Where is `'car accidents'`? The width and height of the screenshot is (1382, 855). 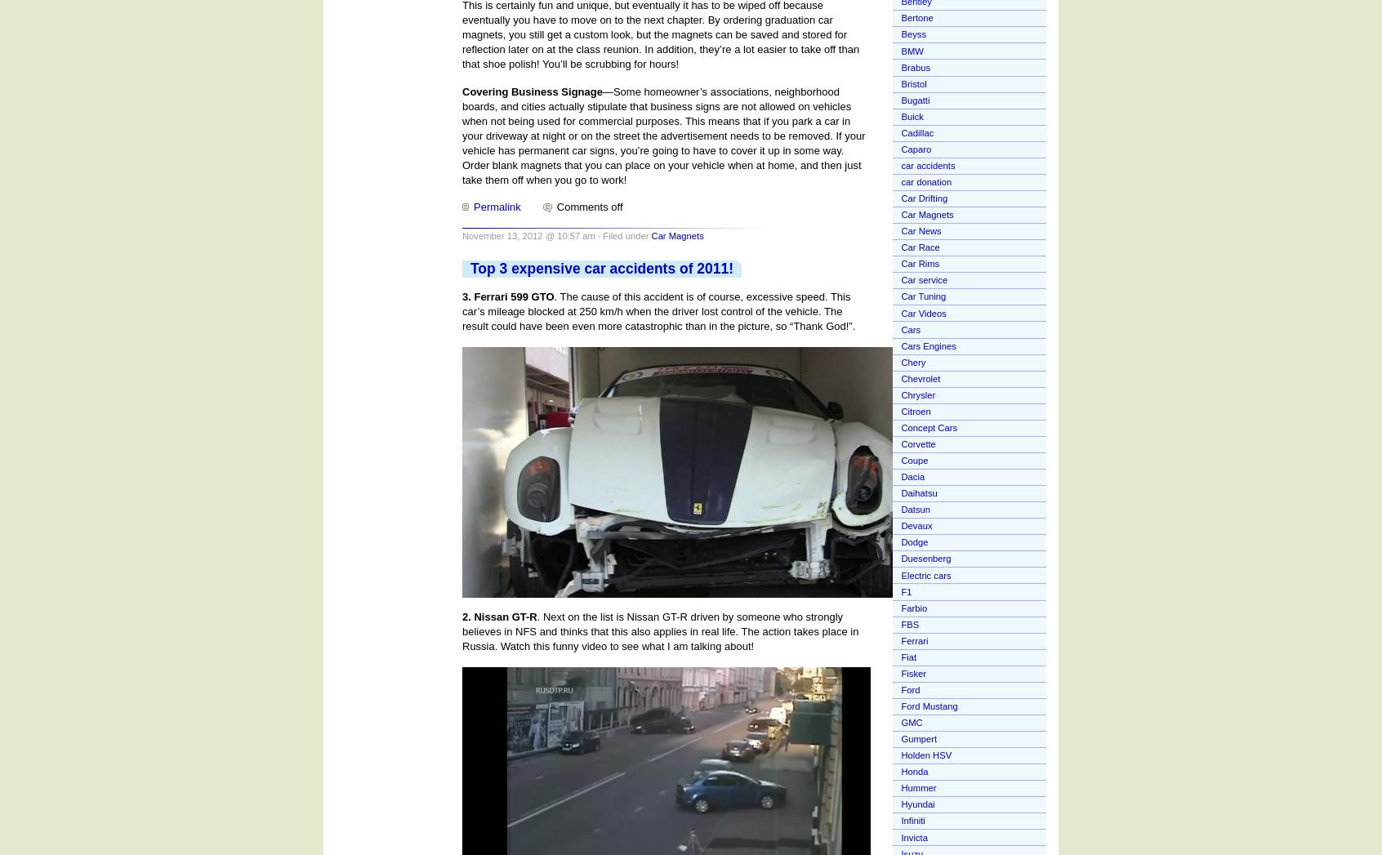 'car accidents' is located at coordinates (927, 163).